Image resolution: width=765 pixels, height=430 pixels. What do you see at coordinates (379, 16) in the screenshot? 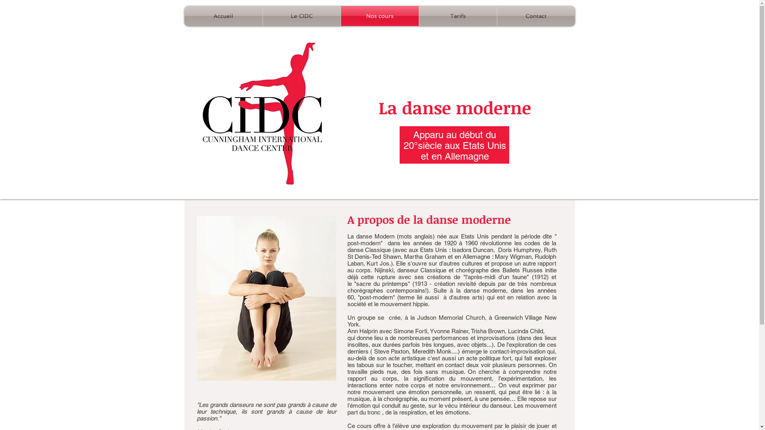
I see `'Nos cours'` at bounding box center [379, 16].